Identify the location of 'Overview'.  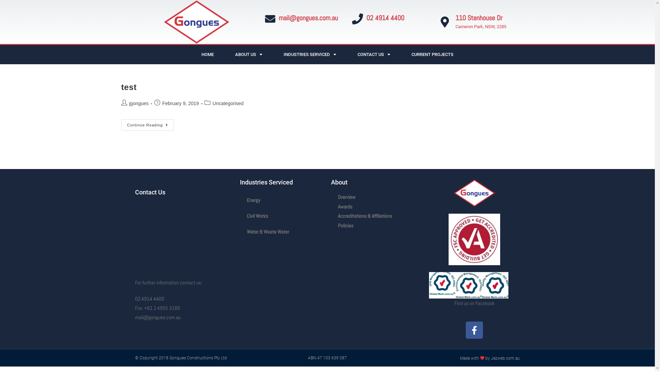
(330, 197).